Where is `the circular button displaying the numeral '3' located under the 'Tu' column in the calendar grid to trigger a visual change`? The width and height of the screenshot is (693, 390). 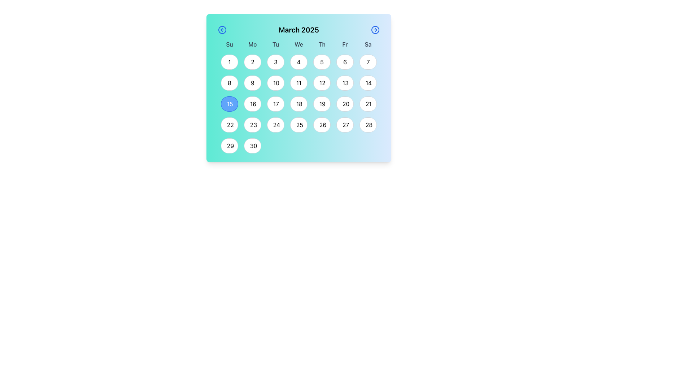
the circular button displaying the numeral '3' located under the 'Tu' column in the calendar grid to trigger a visual change is located at coordinates (275, 62).